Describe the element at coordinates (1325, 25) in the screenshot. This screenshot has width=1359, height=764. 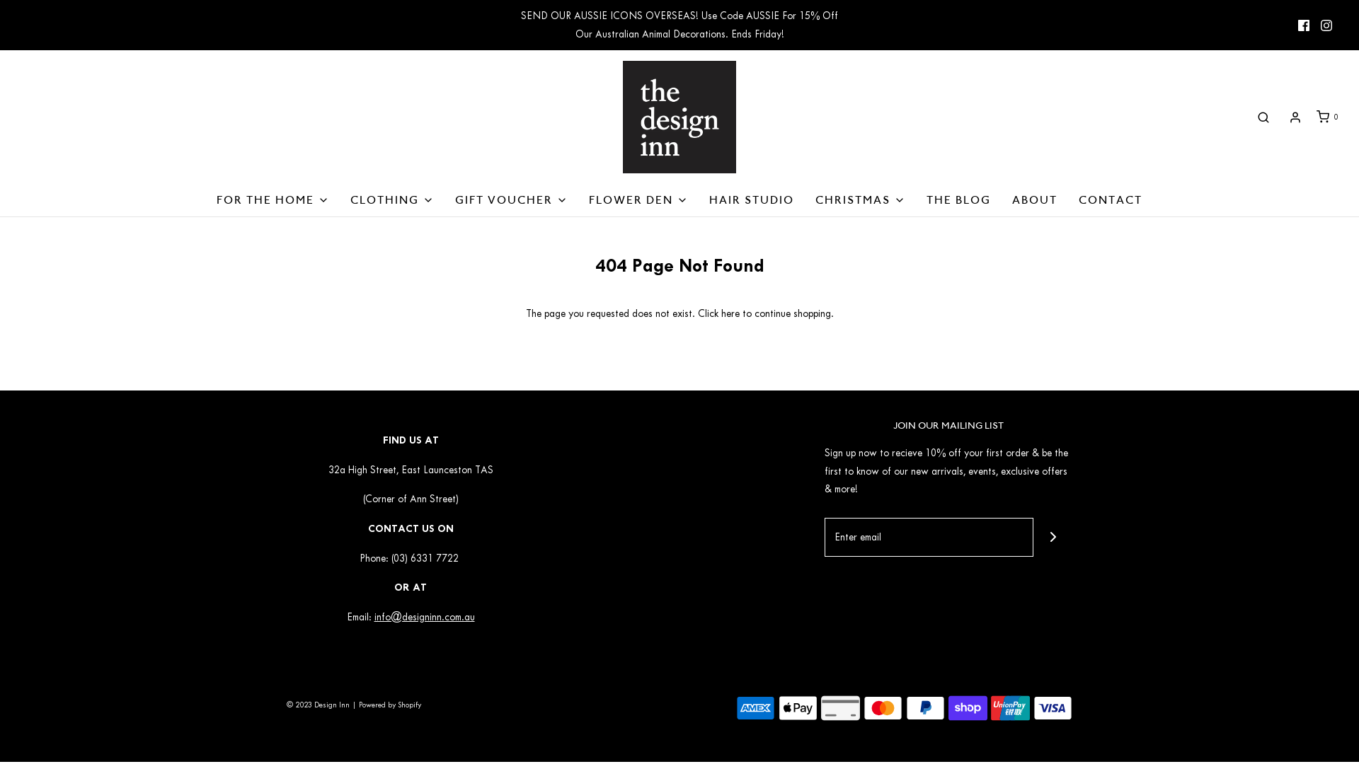
I see `'Instagram icon'` at that location.